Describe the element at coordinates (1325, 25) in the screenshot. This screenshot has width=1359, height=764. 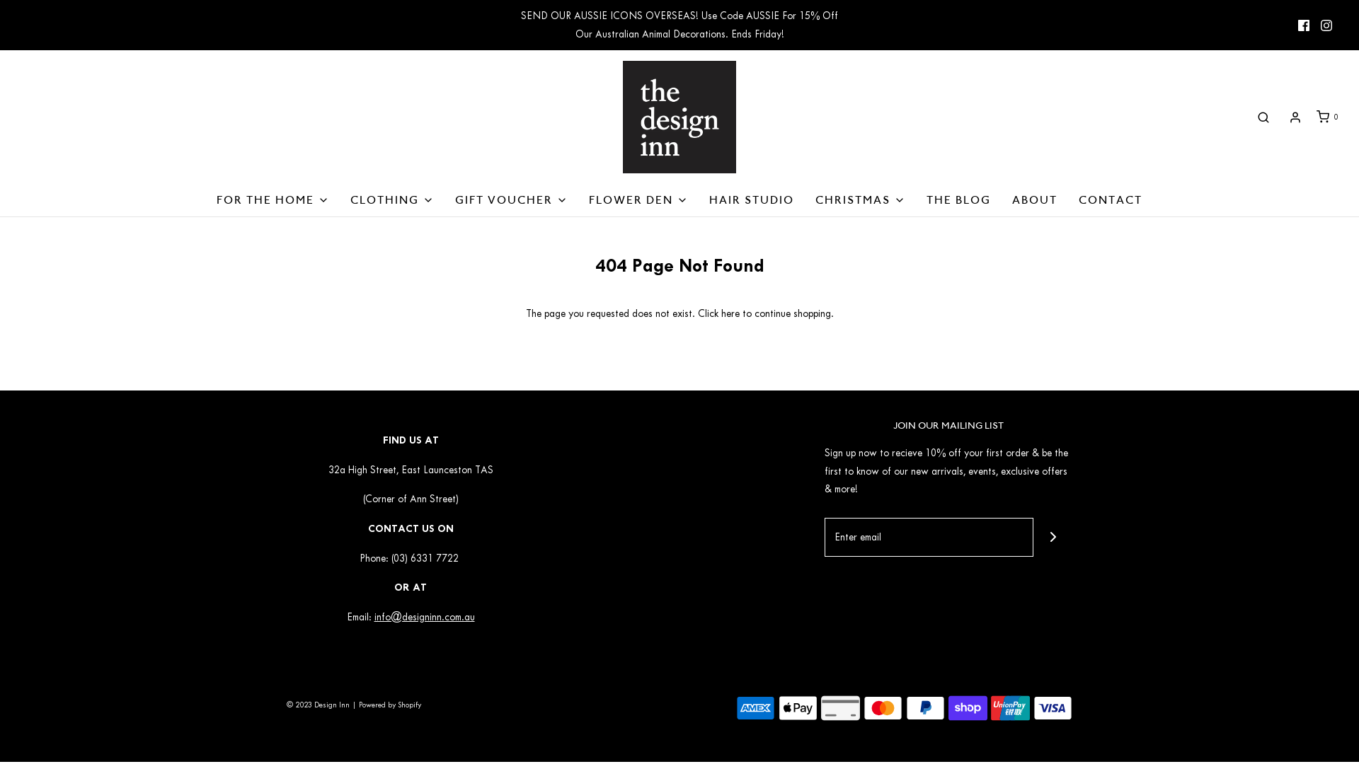
I see `'Instagram icon'` at that location.